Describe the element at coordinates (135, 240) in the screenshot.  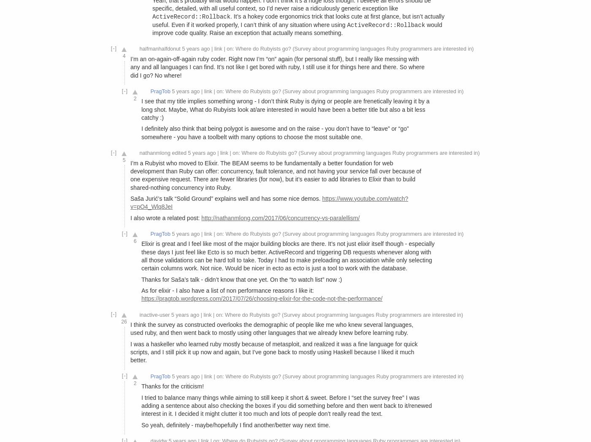
I see `'6'` at that location.